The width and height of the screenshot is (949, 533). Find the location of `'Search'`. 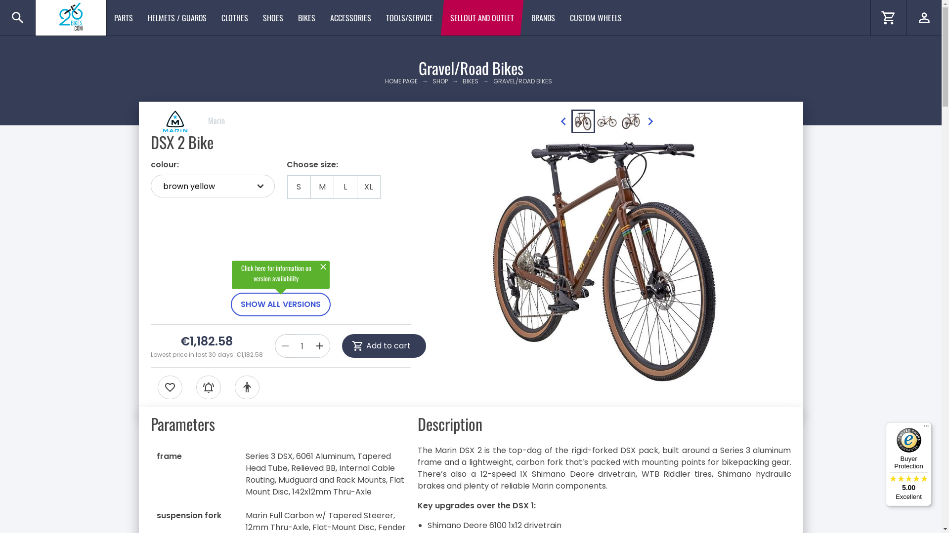

'Search' is located at coordinates (17, 17).